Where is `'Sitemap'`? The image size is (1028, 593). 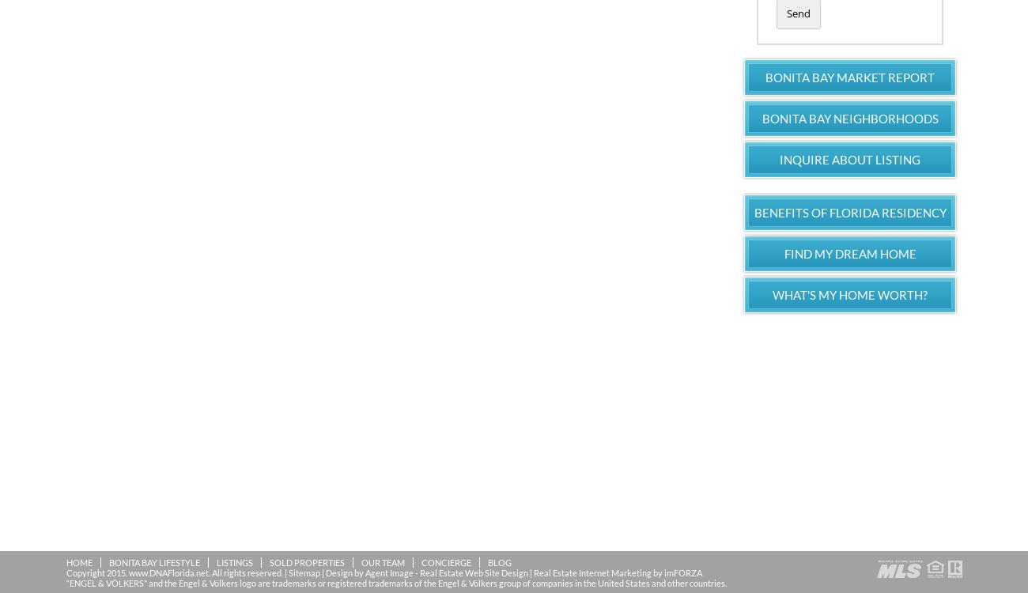 'Sitemap' is located at coordinates (304, 571).